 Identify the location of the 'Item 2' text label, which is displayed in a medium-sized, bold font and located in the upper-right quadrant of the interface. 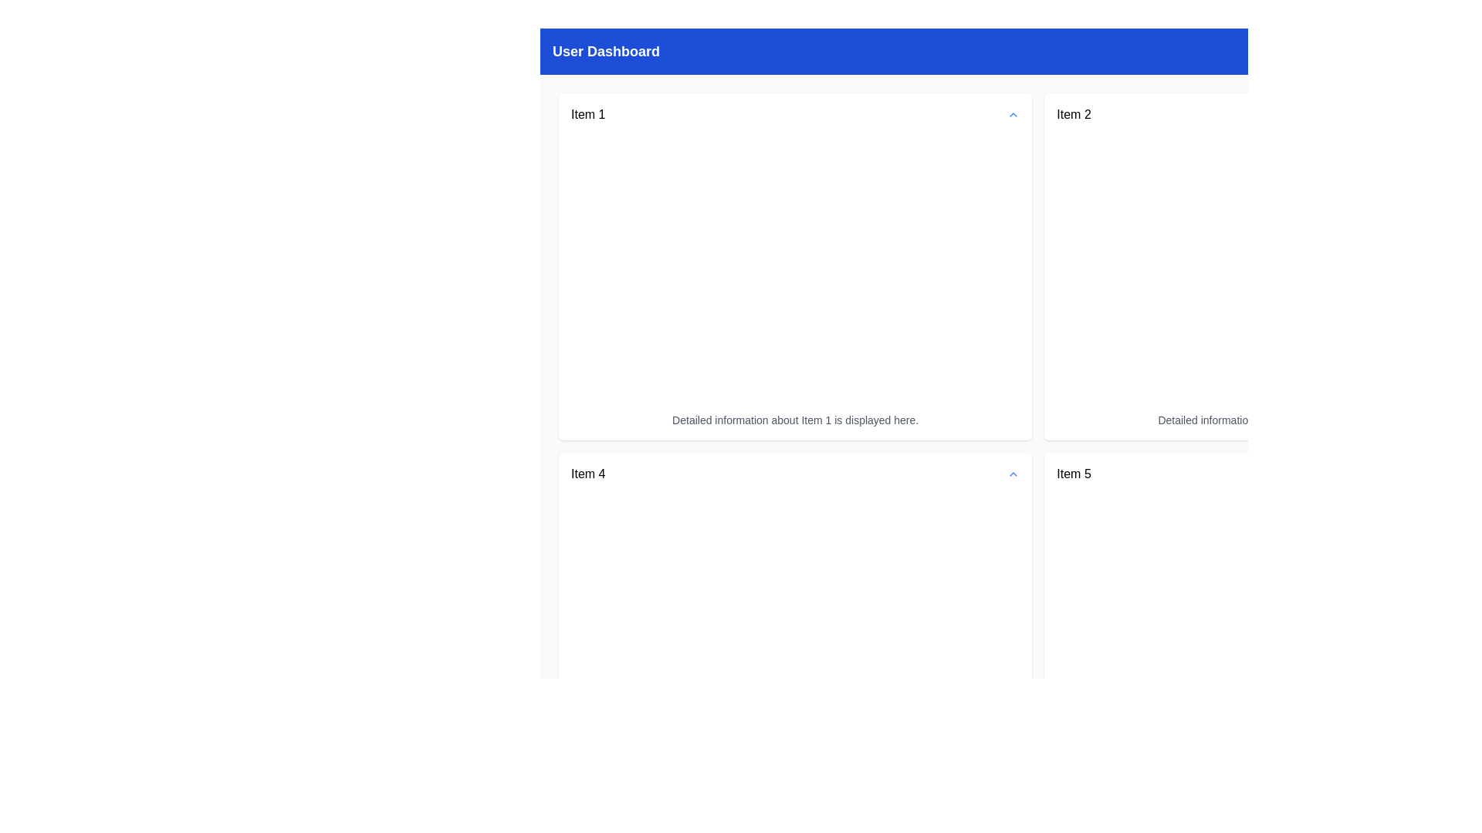
(1073, 114).